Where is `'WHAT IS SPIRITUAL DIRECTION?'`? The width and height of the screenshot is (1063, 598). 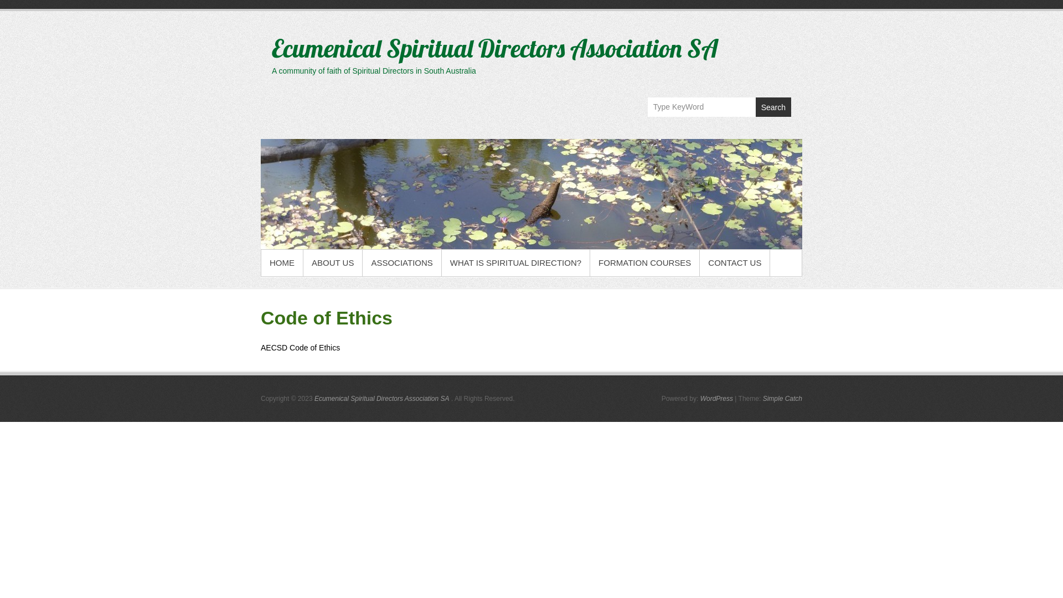 'WHAT IS SPIRITUAL DIRECTION?' is located at coordinates (515, 262).